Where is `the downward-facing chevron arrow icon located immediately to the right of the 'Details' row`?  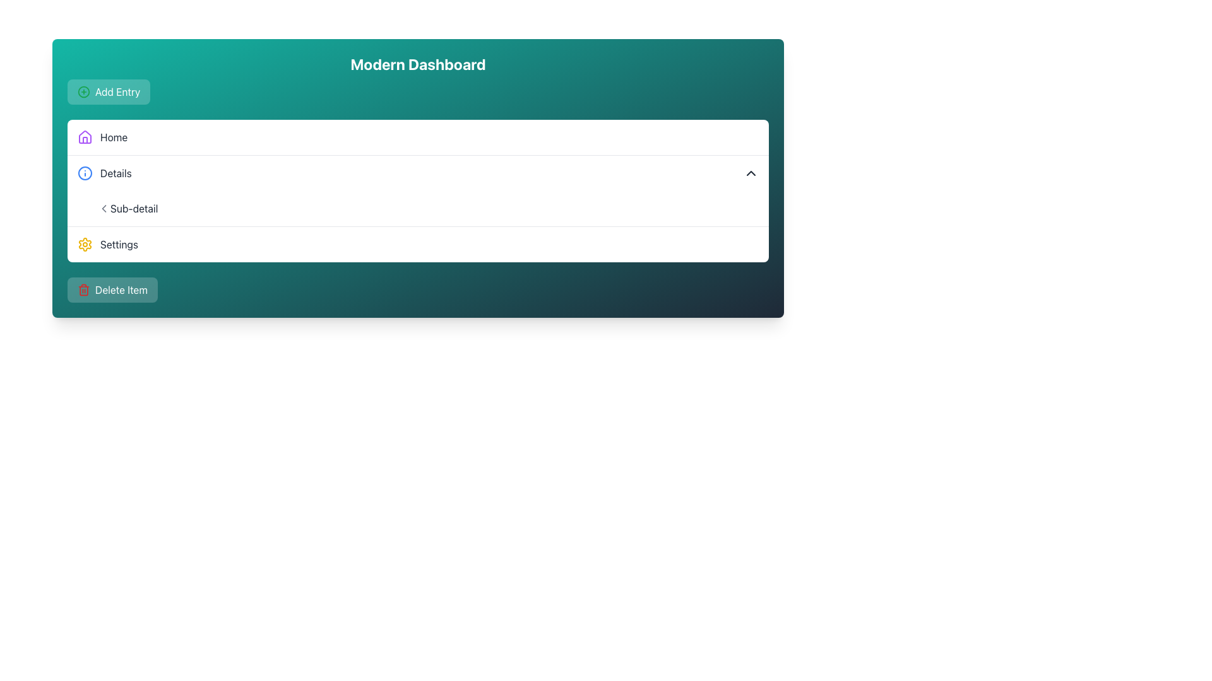
the downward-facing chevron arrow icon located immediately to the right of the 'Details' row is located at coordinates (751, 173).